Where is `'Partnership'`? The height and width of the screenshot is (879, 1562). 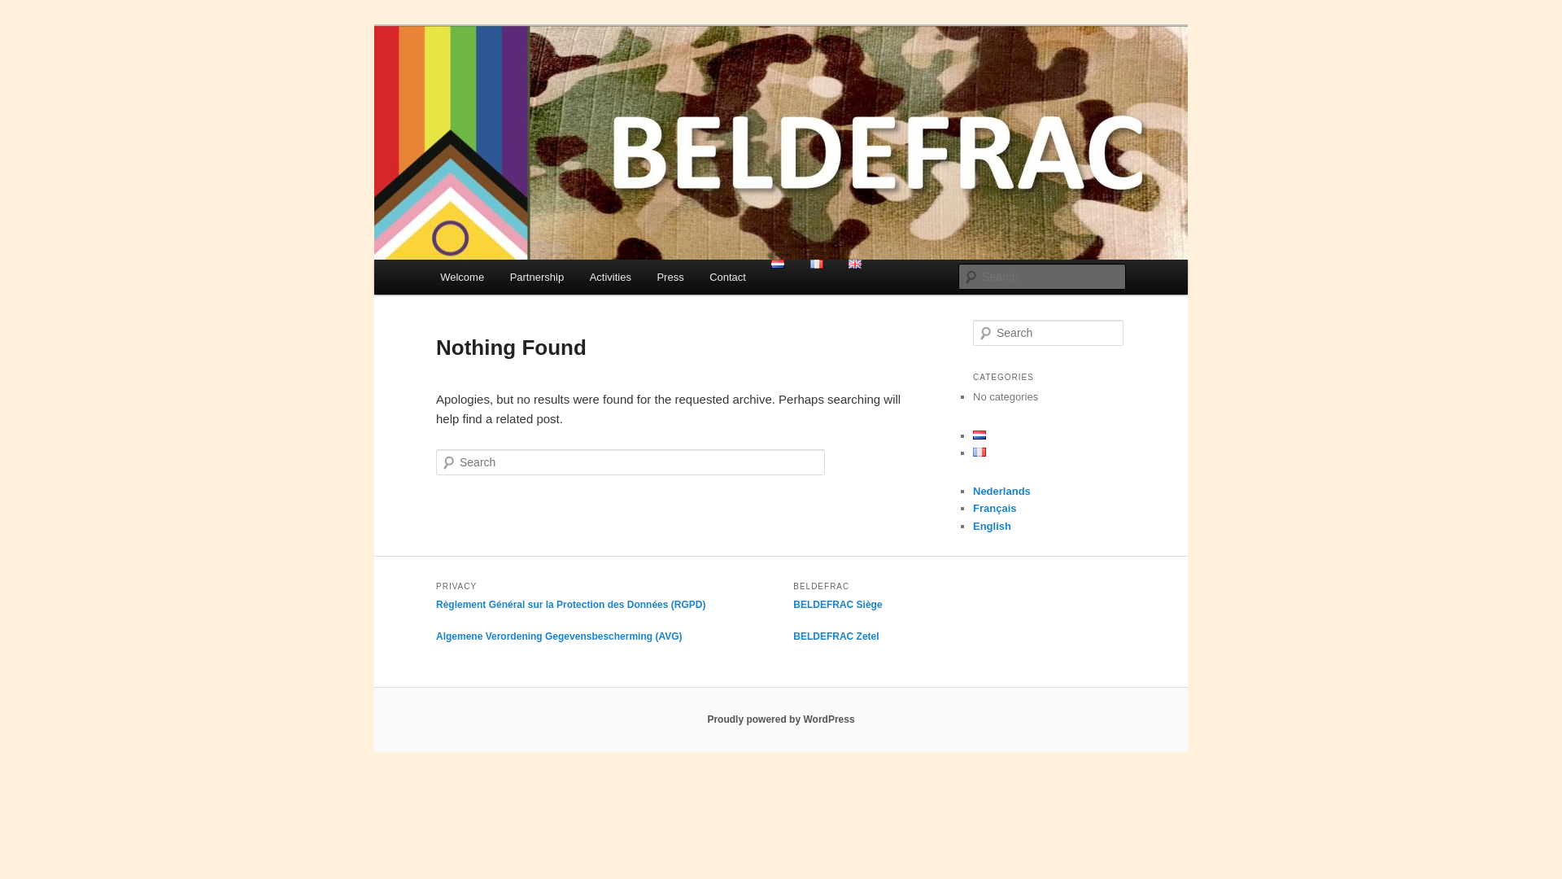 'Partnership' is located at coordinates (537, 276).